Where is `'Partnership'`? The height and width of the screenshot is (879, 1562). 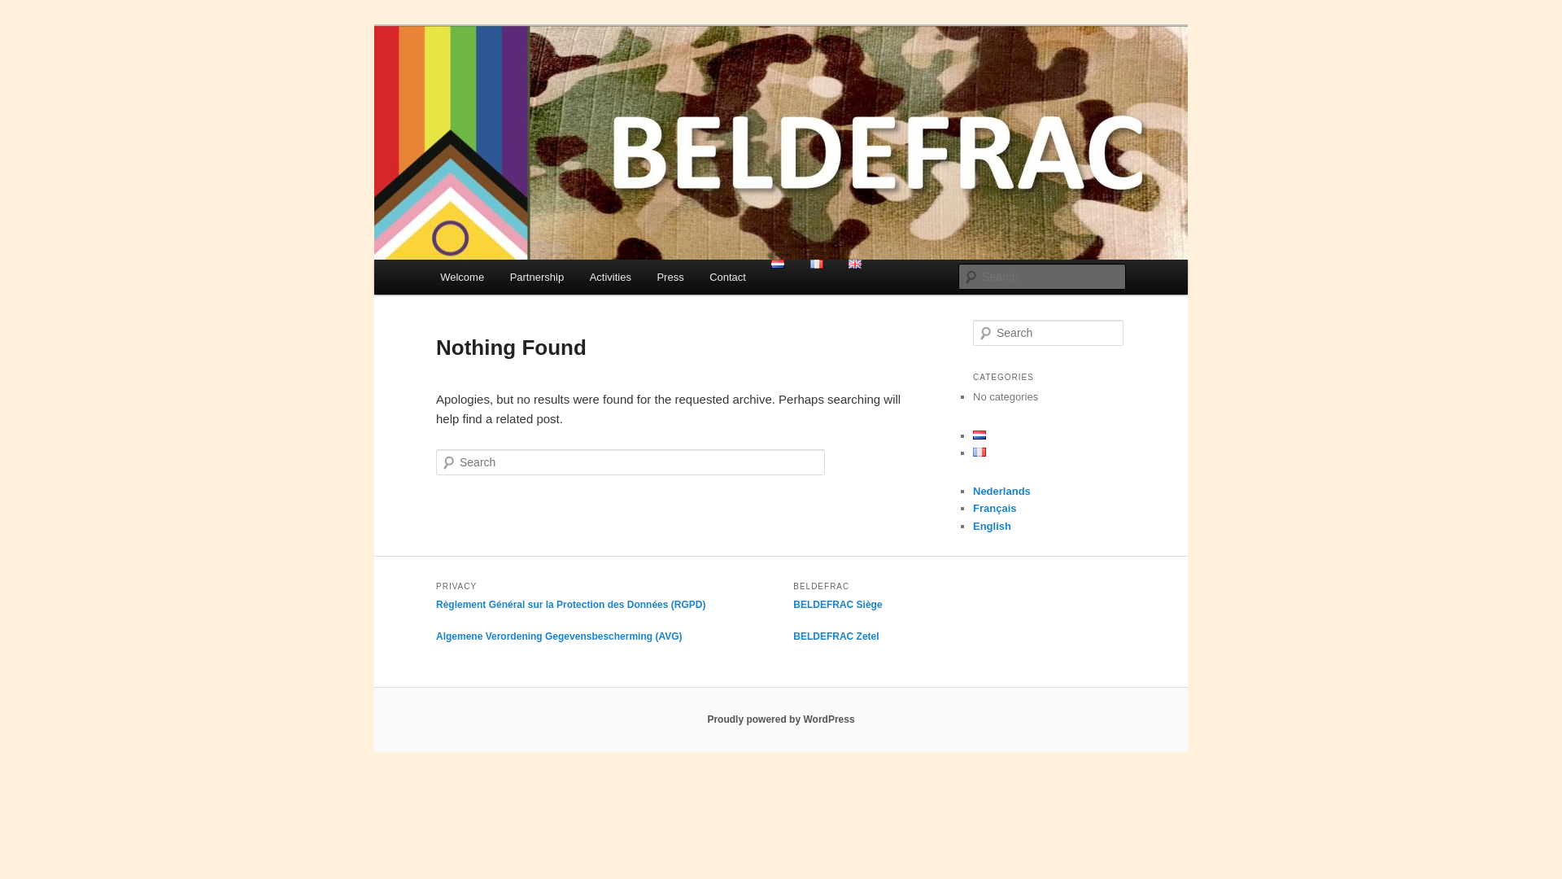 'Partnership' is located at coordinates (537, 276).